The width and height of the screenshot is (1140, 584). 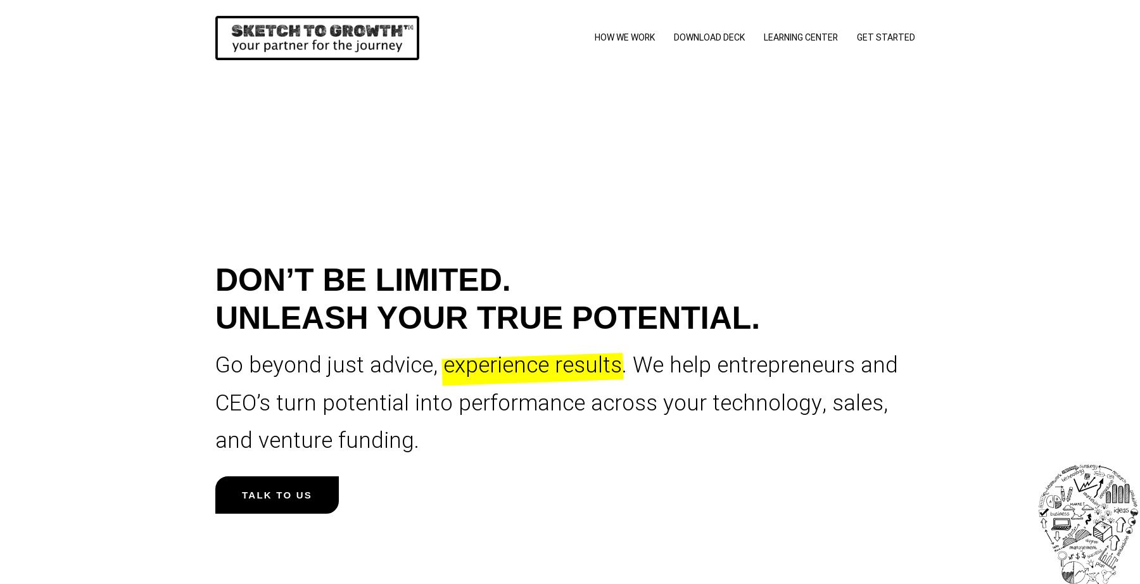 What do you see at coordinates (487, 318) in the screenshot?
I see `'UNLEASH YOUR TRUE POTENTIAL.'` at bounding box center [487, 318].